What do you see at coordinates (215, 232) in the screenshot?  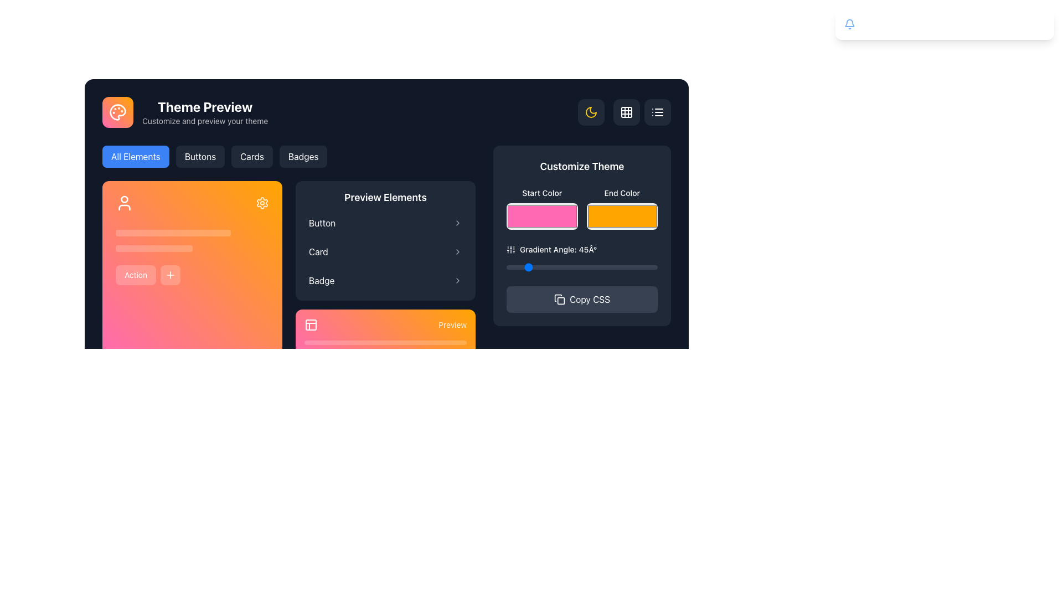 I see `the slider` at bounding box center [215, 232].